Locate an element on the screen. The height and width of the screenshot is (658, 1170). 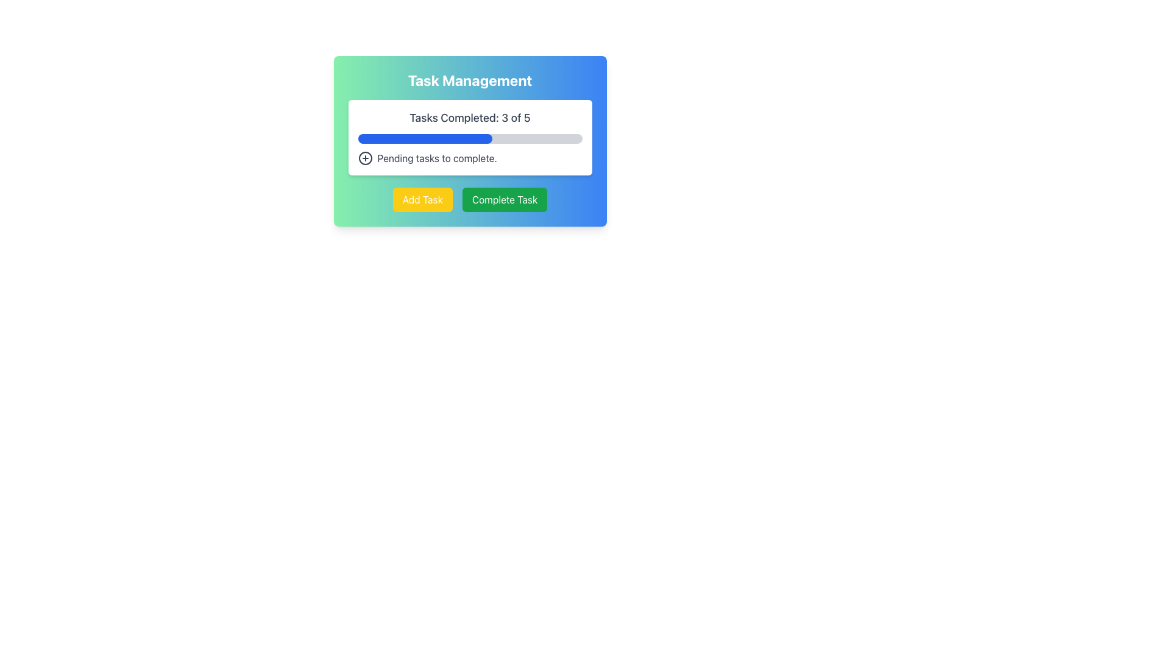
the informational text label that provides a status message related to pending tasks in the task management system, located on the right side of a horizontal arrangement with a circular icon containing a plus sign to its left is located at coordinates (437, 157).